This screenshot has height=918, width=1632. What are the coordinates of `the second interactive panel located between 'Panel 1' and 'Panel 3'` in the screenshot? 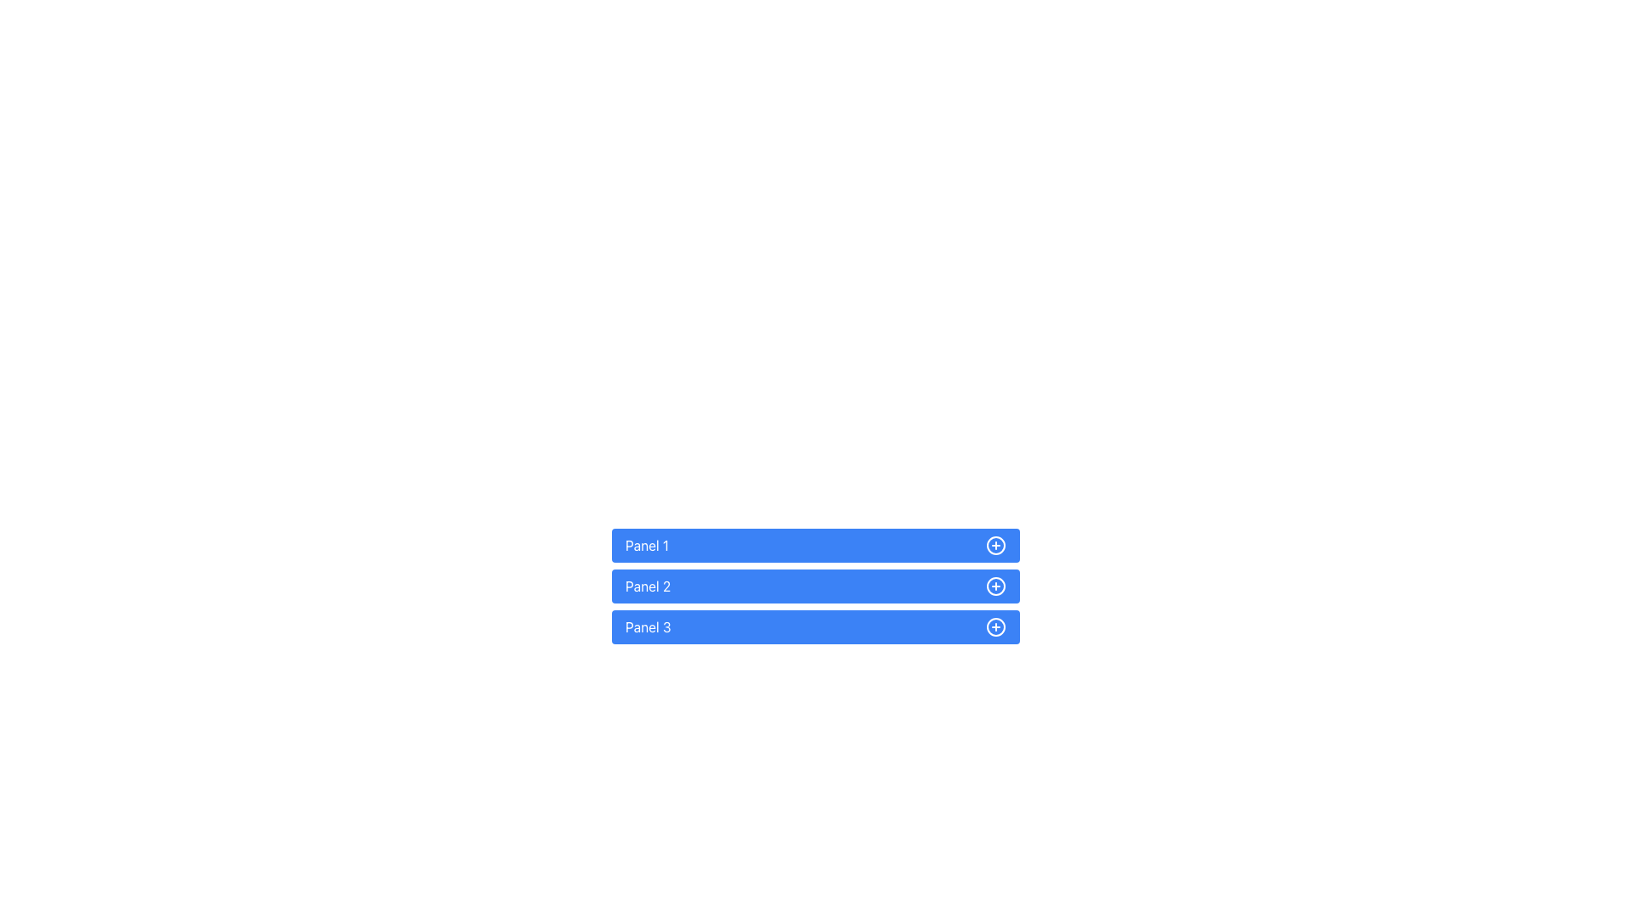 It's located at (816, 586).